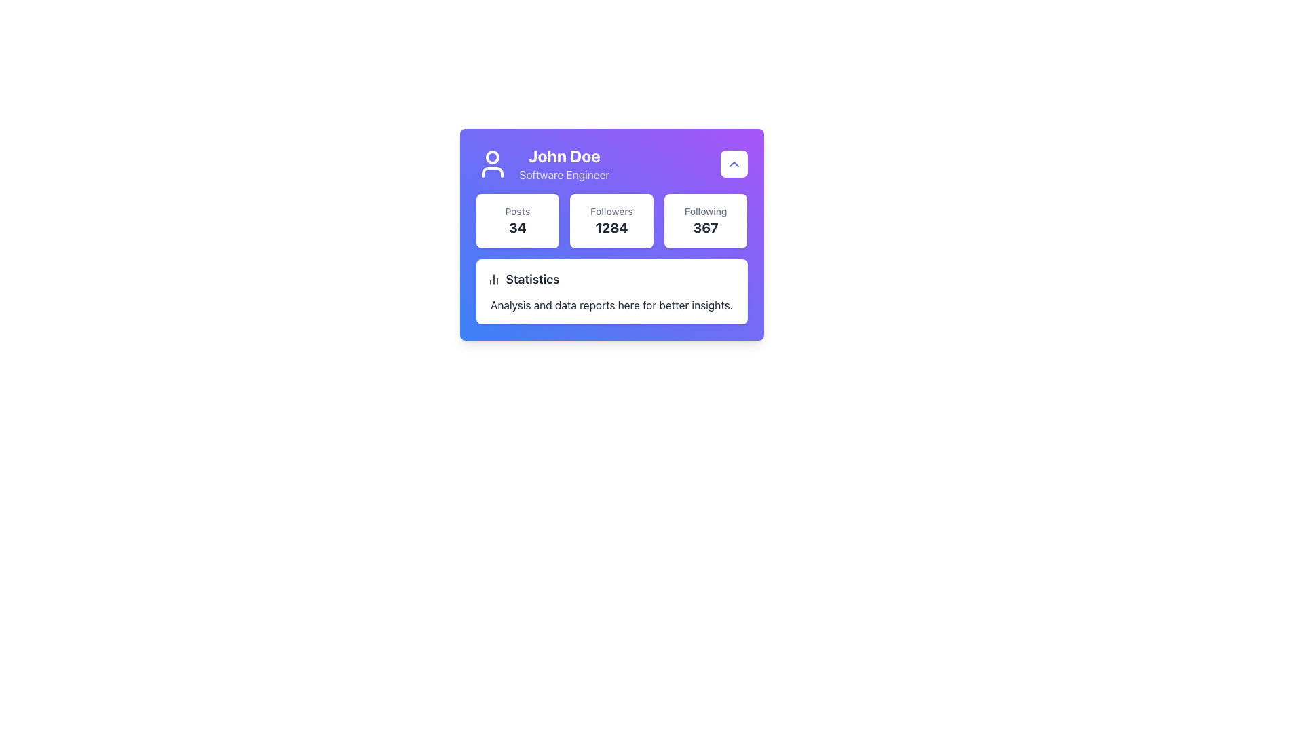  What do you see at coordinates (491, 156) in the screenshot?
I see `the visual appearance of the circular user avatar icon located at the top-left corner of the card, above the 'John Doe' text` at bounding box center [491, 156].